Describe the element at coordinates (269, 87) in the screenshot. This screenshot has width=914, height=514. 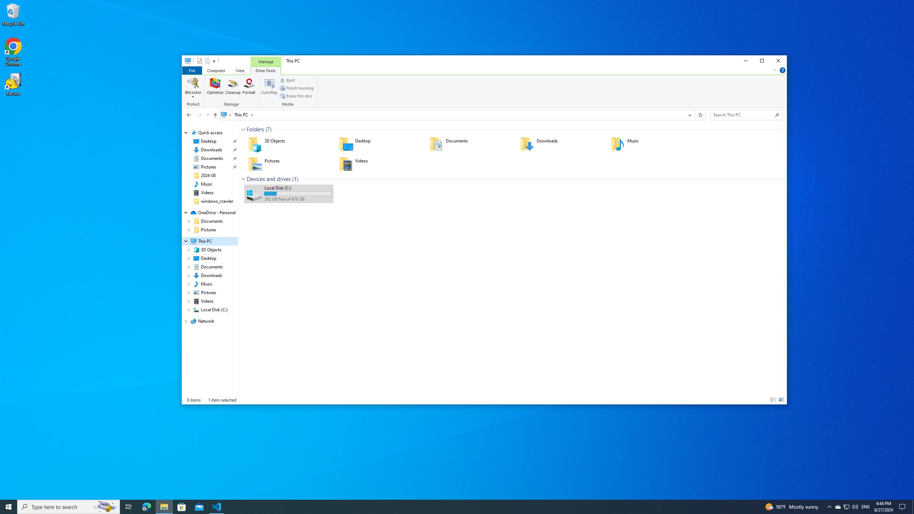
I see `'AutoPlay'` at that location.